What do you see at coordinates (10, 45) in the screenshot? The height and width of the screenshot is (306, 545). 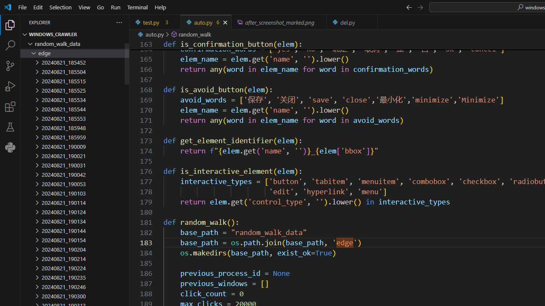 I see `'Search (Ctrl+Shift+F)'` at bounding box center [10, 45].